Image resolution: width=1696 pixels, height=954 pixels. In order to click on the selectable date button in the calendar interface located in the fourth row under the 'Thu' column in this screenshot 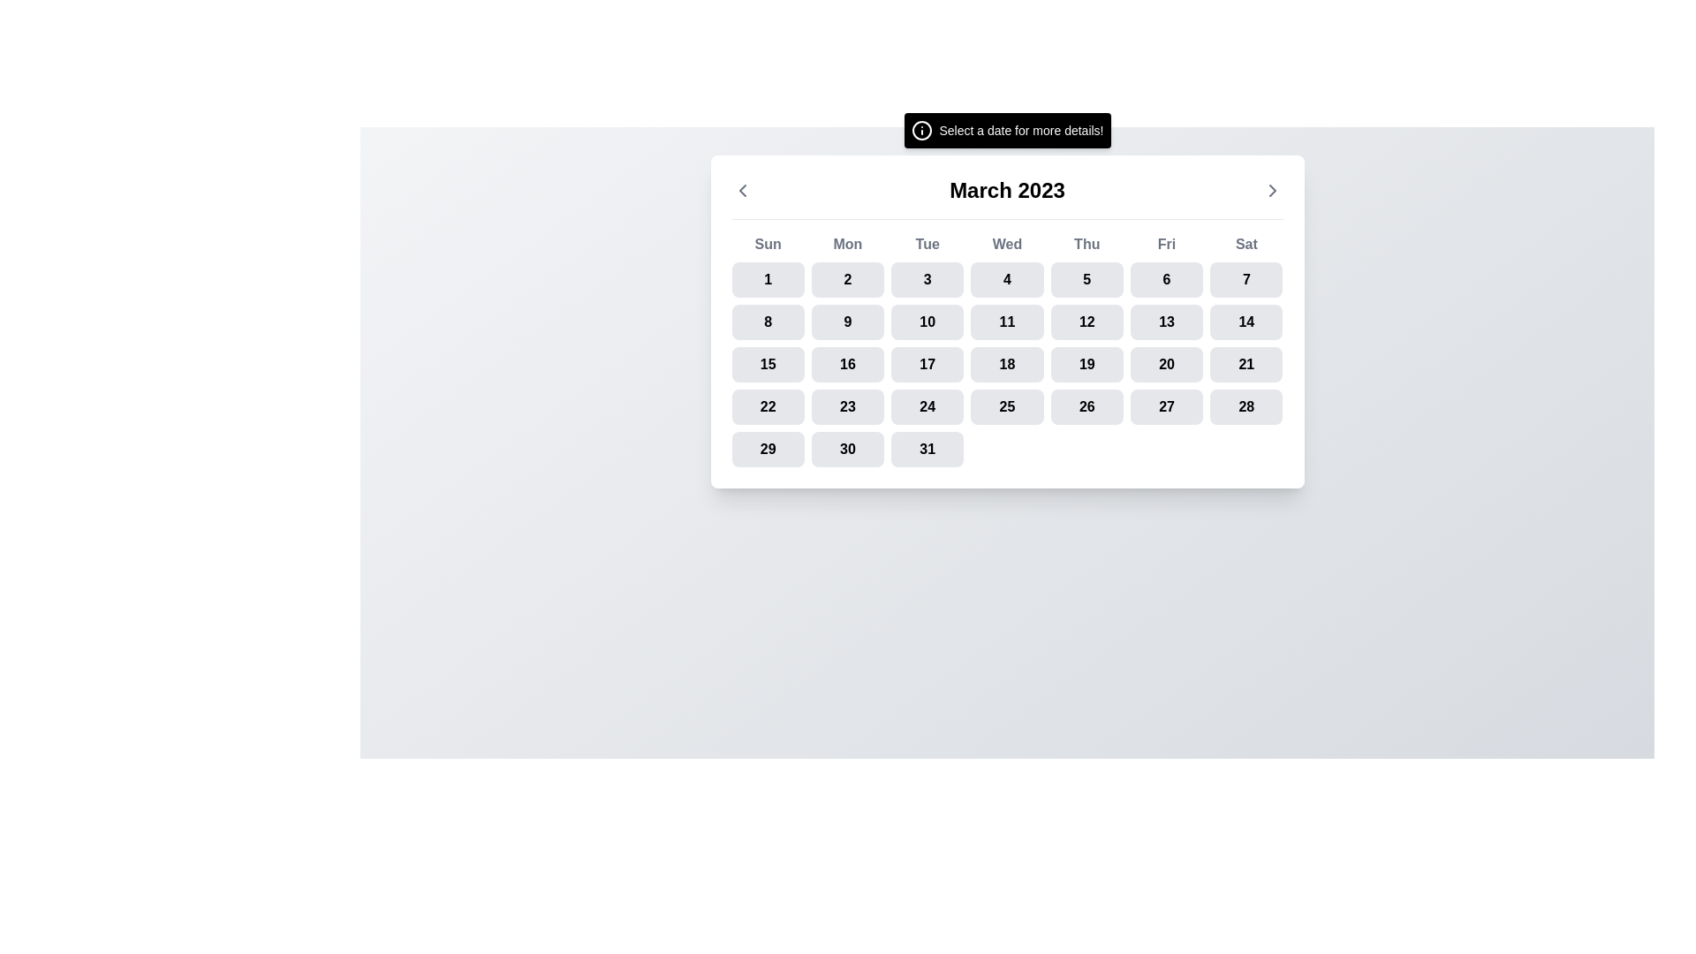, I will do `click(1086, 363)`.